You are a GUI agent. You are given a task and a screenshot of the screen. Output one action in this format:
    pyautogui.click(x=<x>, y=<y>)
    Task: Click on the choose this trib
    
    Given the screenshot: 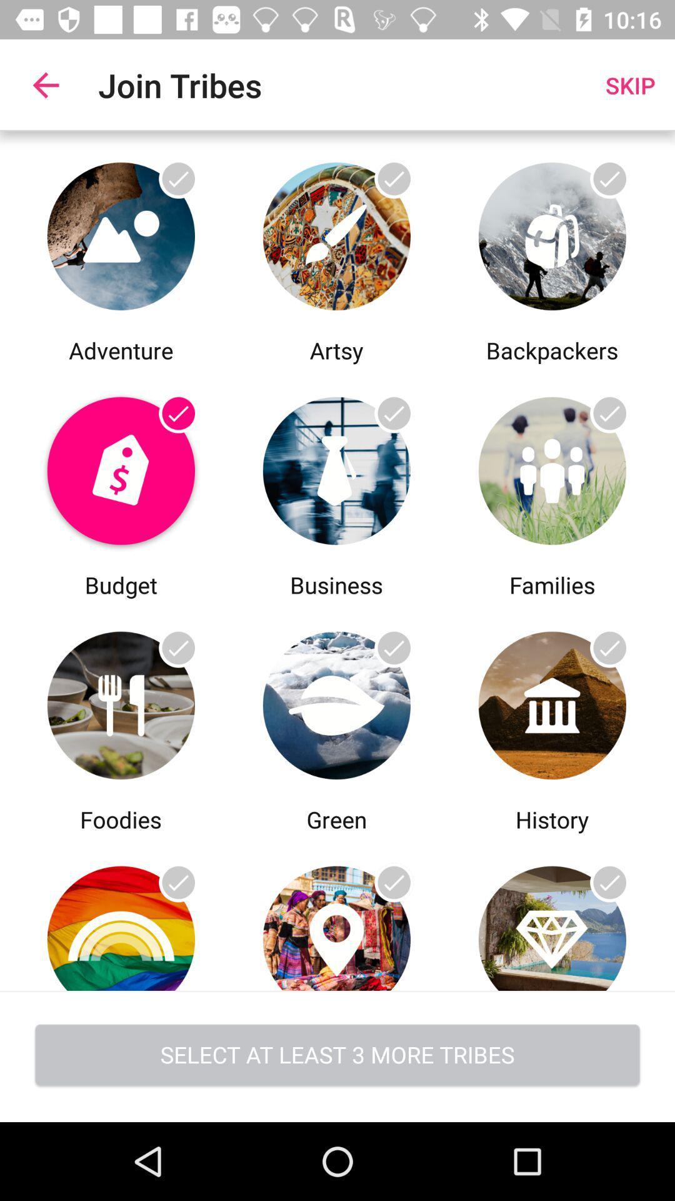 What is the action you would take?
    pyautogui.click(x=551, y=913)
    